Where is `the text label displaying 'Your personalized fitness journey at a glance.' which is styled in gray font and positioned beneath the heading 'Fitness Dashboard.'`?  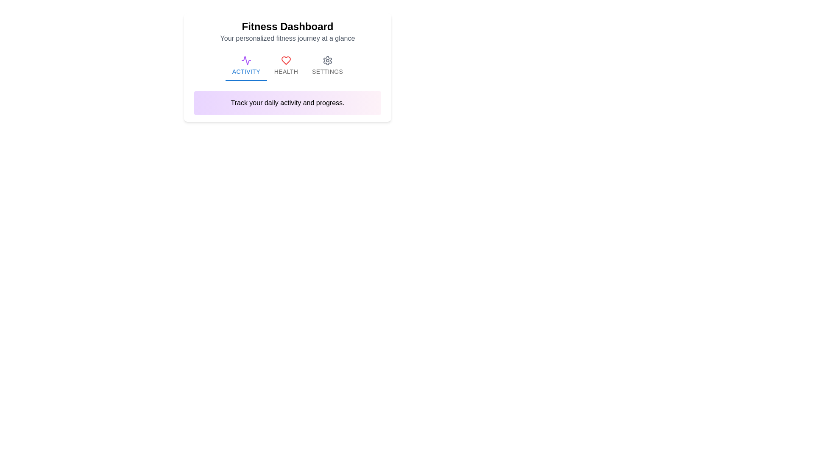 the text label displaying 'Your personalized fitness journey at a glance.' which is styled in gray font and positioned beneath the heading 'Fitness Dashboard.' is located at coordinates (287, 39).